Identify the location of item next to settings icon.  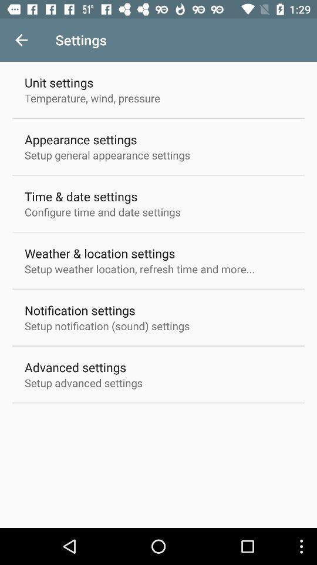
(21, 40).